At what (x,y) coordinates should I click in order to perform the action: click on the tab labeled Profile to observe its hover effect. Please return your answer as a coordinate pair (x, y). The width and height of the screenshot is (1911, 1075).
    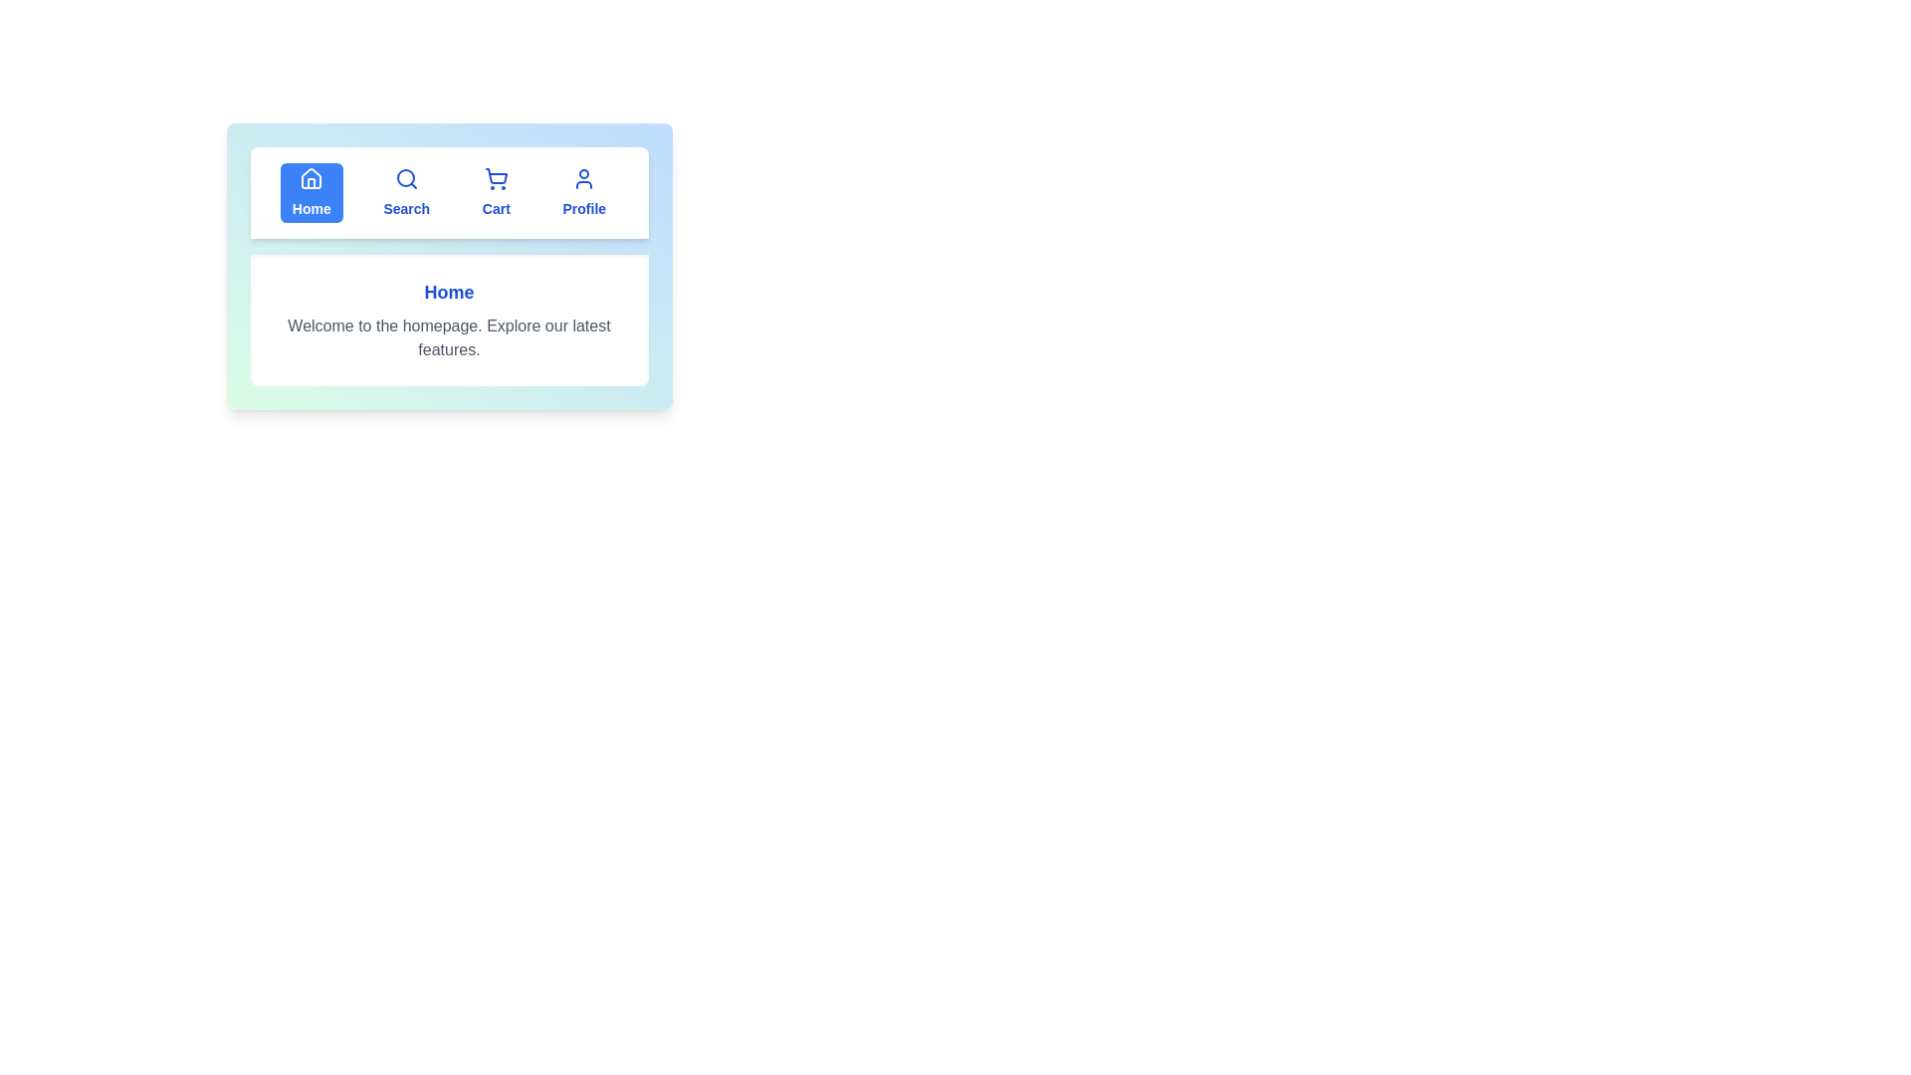
    Looking at the image, I should click on (582, 192).